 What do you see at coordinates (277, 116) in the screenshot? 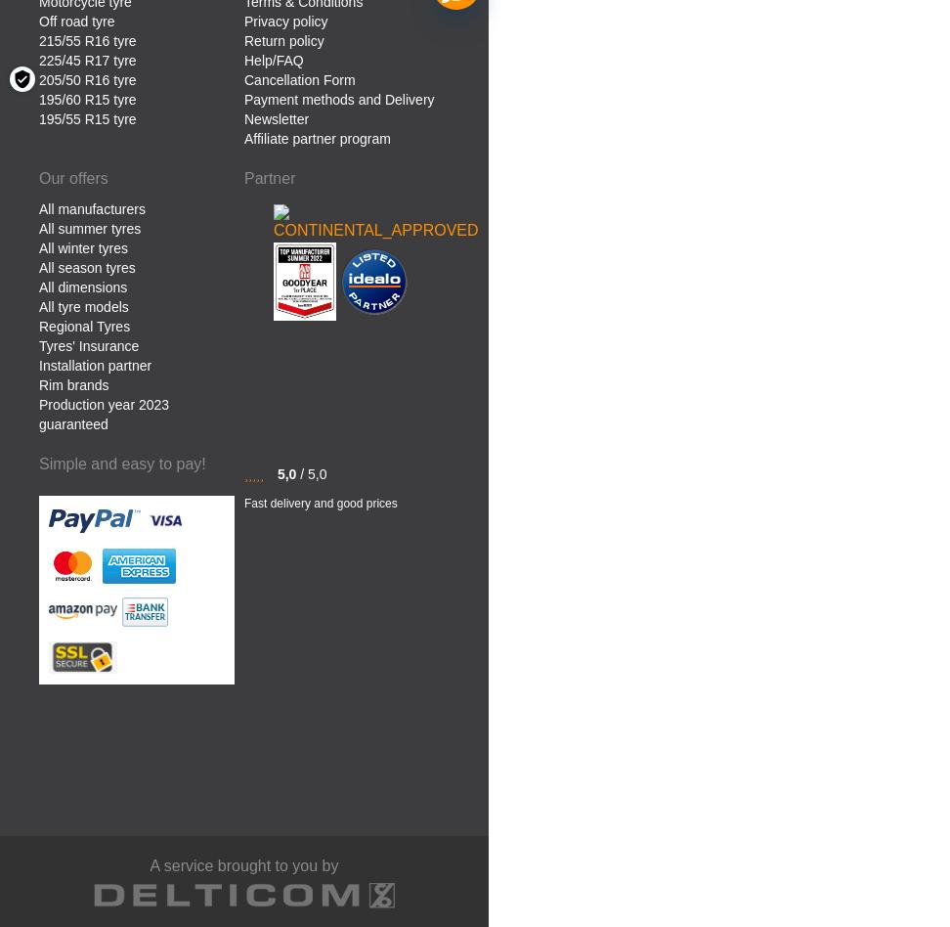
I see `'Newsletter'` at bounding box center [277, 116].